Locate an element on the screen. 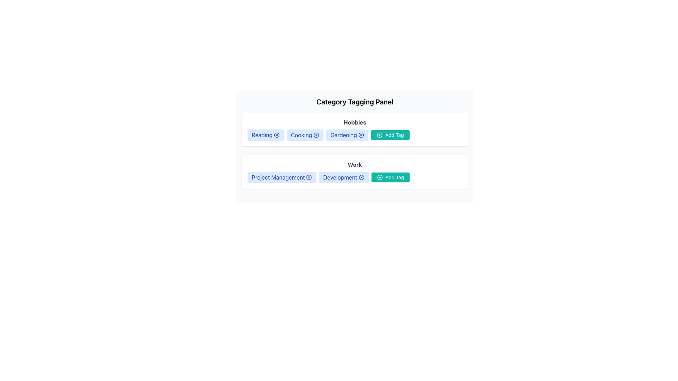 The image size is (678, 381). the 'Development' category tag in the Work section of the Category Tagging Panel is located at coordinates (344, 177).